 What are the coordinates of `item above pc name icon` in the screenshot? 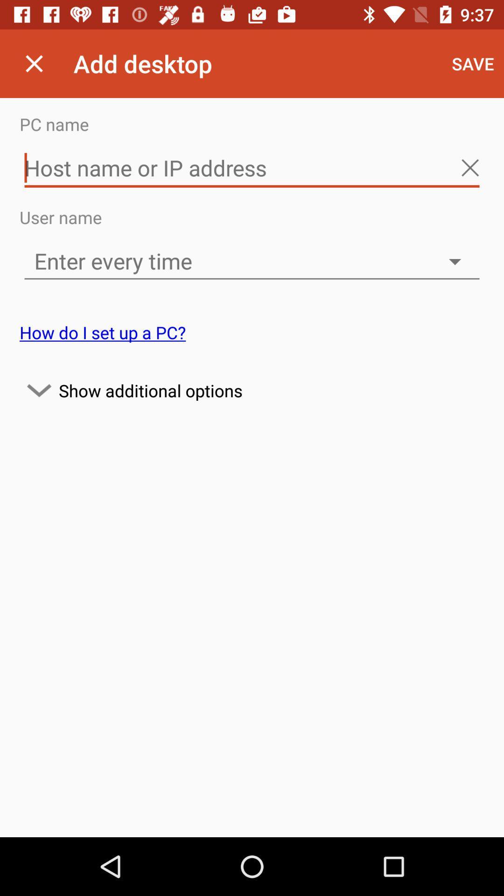 It's located at (473, 63).